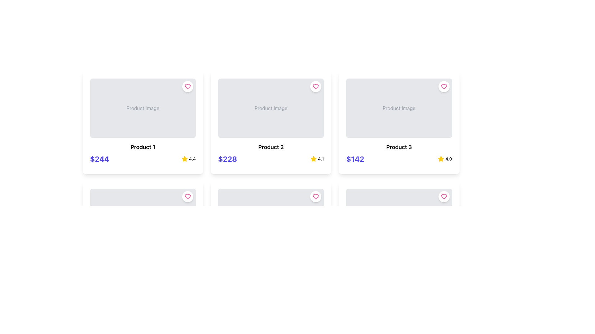  What do you see at coordinates (443, 87) in the screenshot?
I see `the circular 'favorite' or 'like' button located at the top-right corner of the 'Product 3' card` at bounding box center [443, 87].